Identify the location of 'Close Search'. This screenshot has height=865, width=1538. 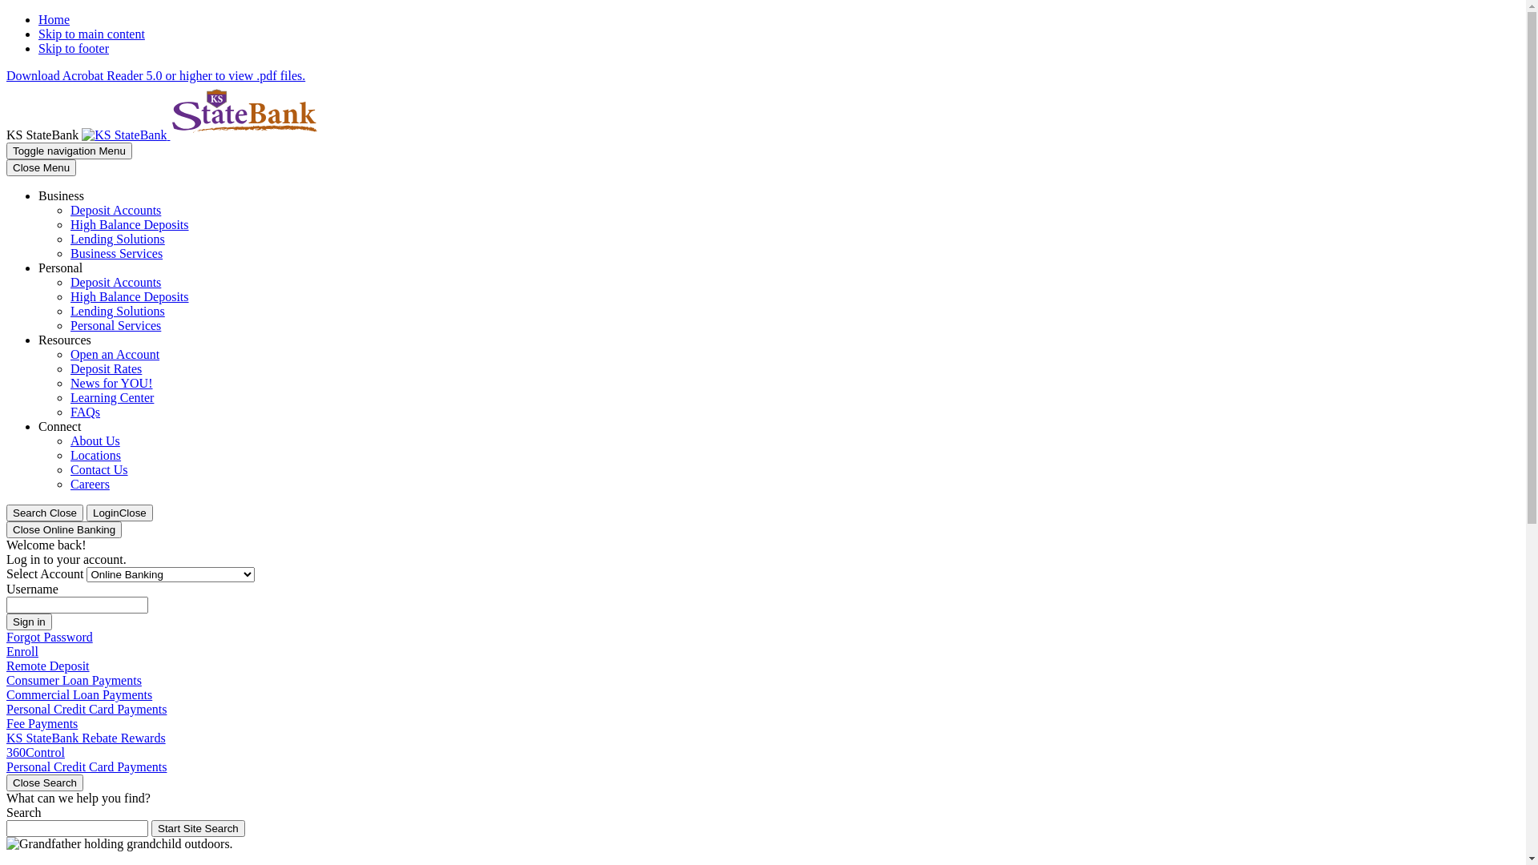
(45, 782).